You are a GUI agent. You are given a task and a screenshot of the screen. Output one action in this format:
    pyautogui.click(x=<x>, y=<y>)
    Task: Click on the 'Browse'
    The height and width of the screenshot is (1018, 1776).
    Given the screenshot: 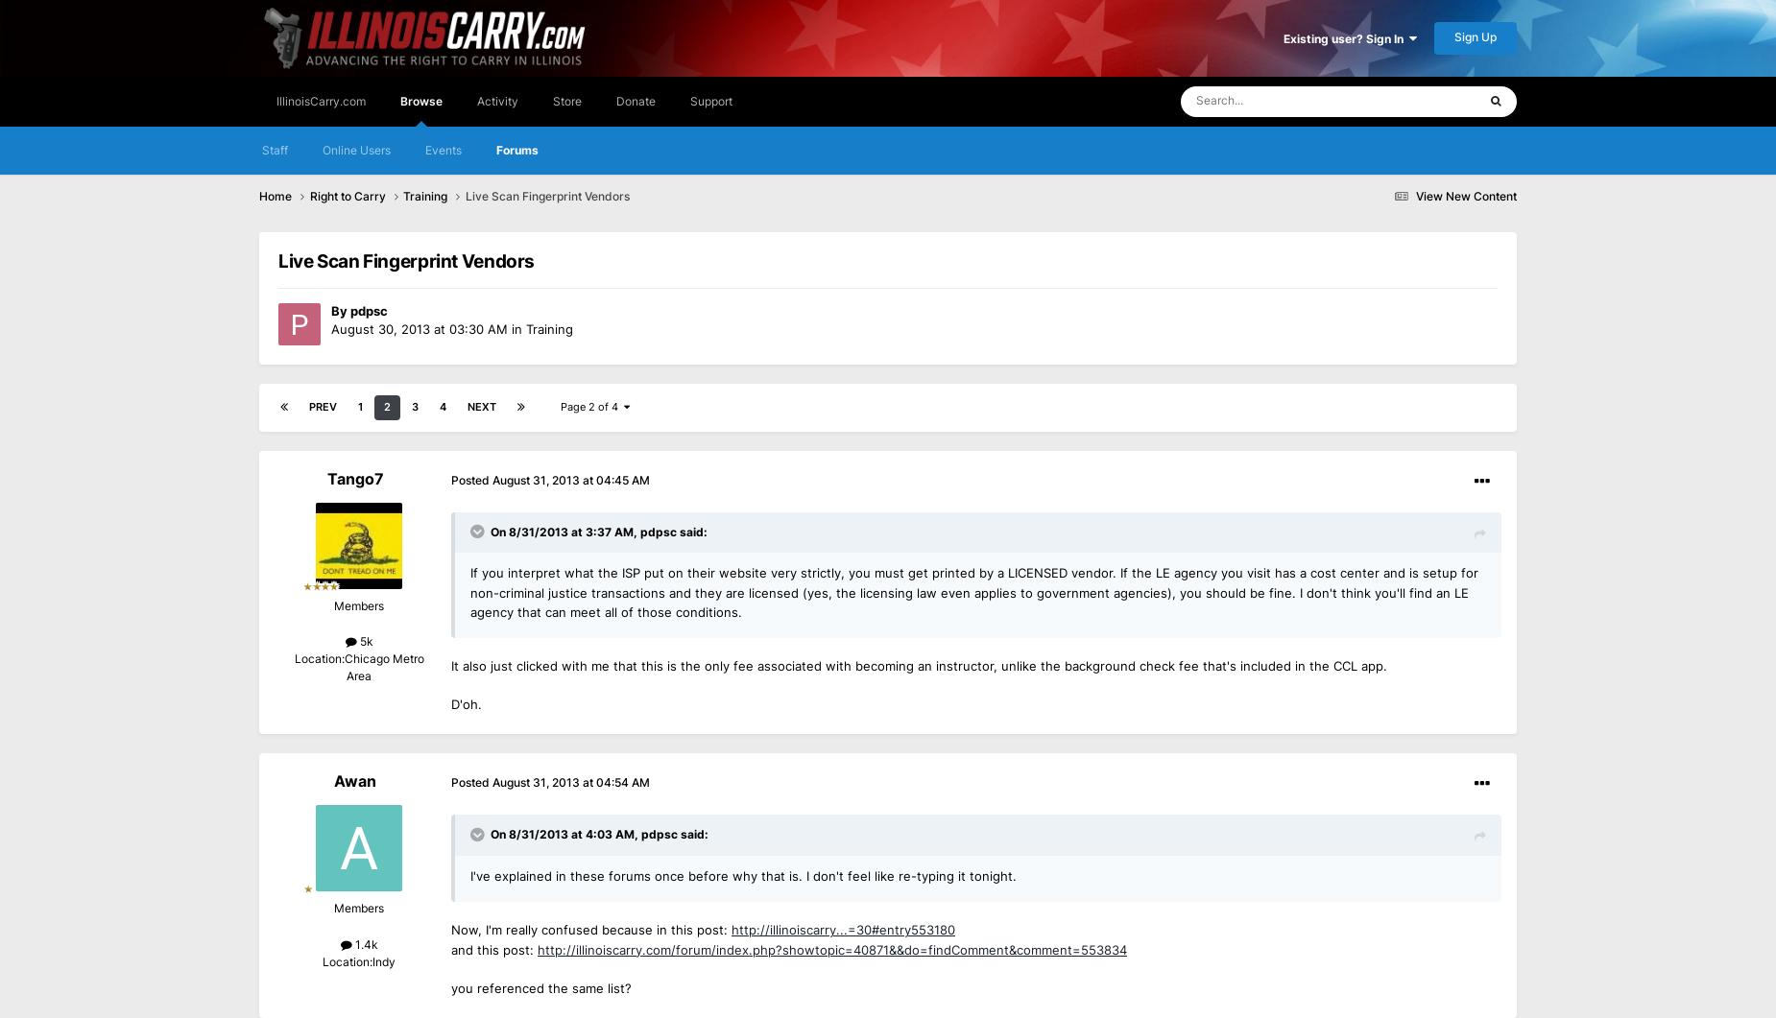 What is the action you would take?
    pyautogui.click(x=398, y=101)
    